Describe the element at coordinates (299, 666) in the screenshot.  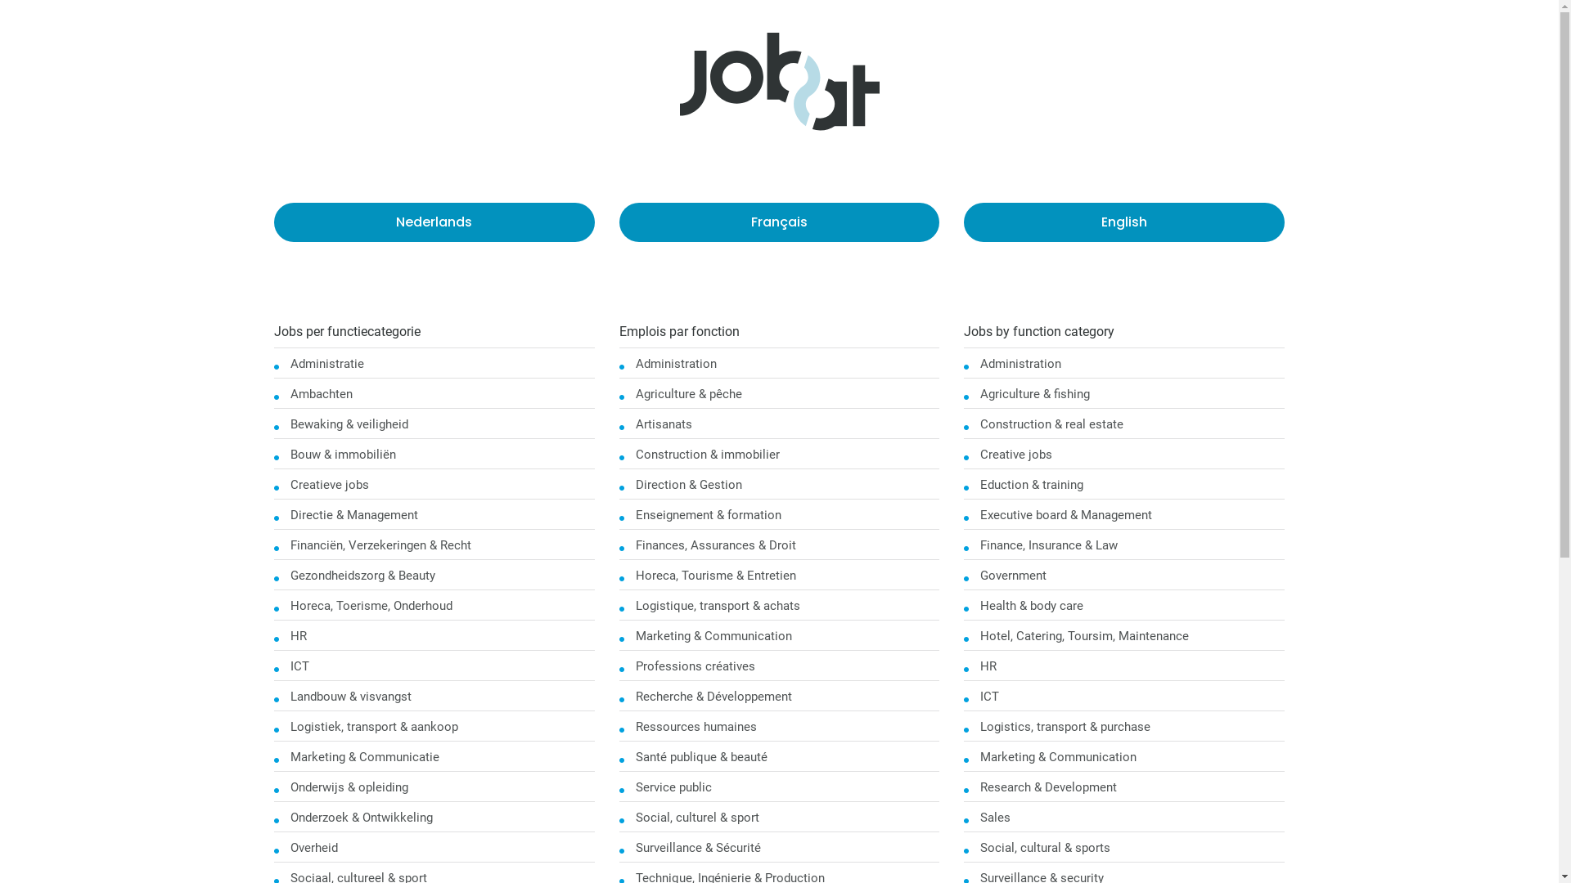
I see `'ICT'` at that location.